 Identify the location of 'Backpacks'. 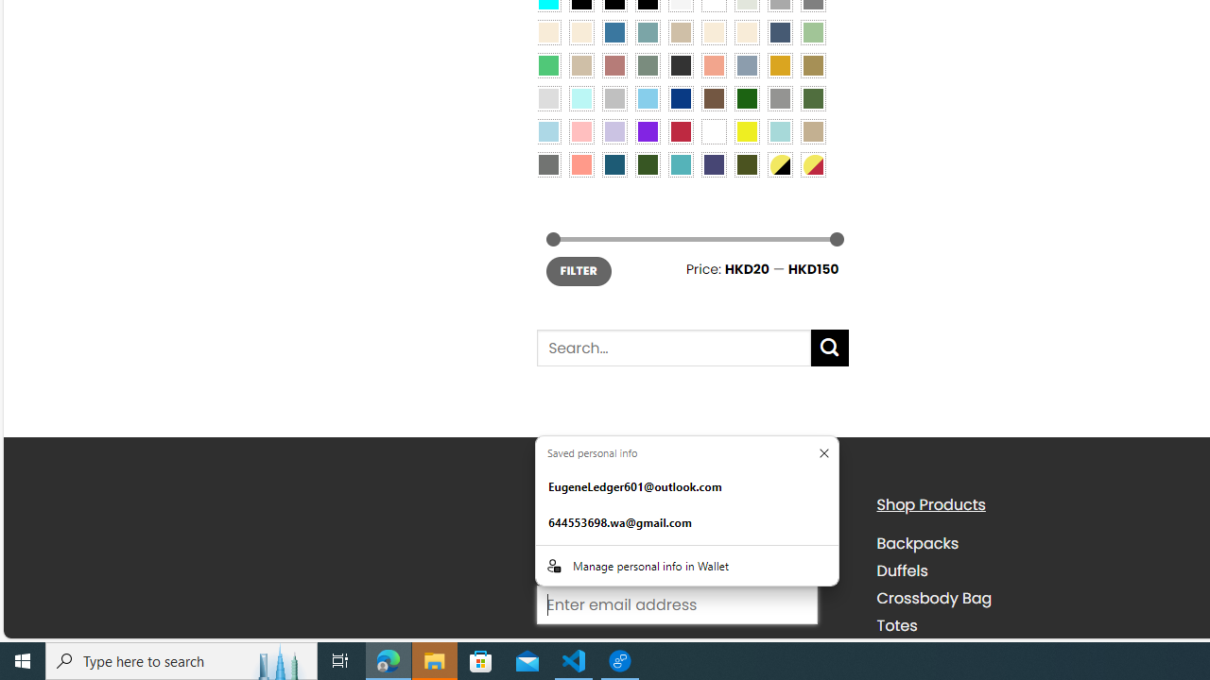
(917, 544).